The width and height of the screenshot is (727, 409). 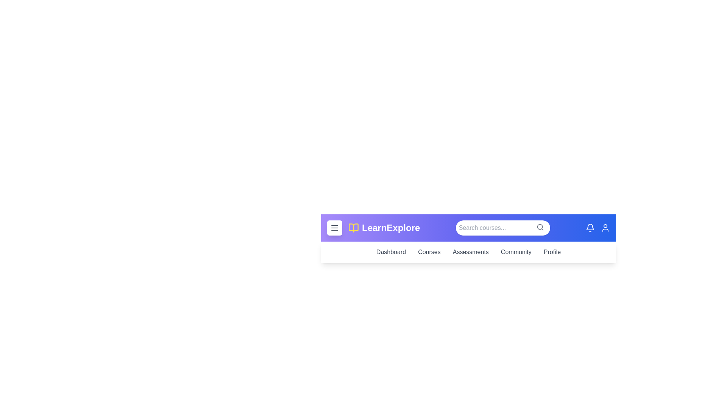 I want to click on the navigation link 'Dashboard' to observe its hover effect, so click(x=391, y=252).